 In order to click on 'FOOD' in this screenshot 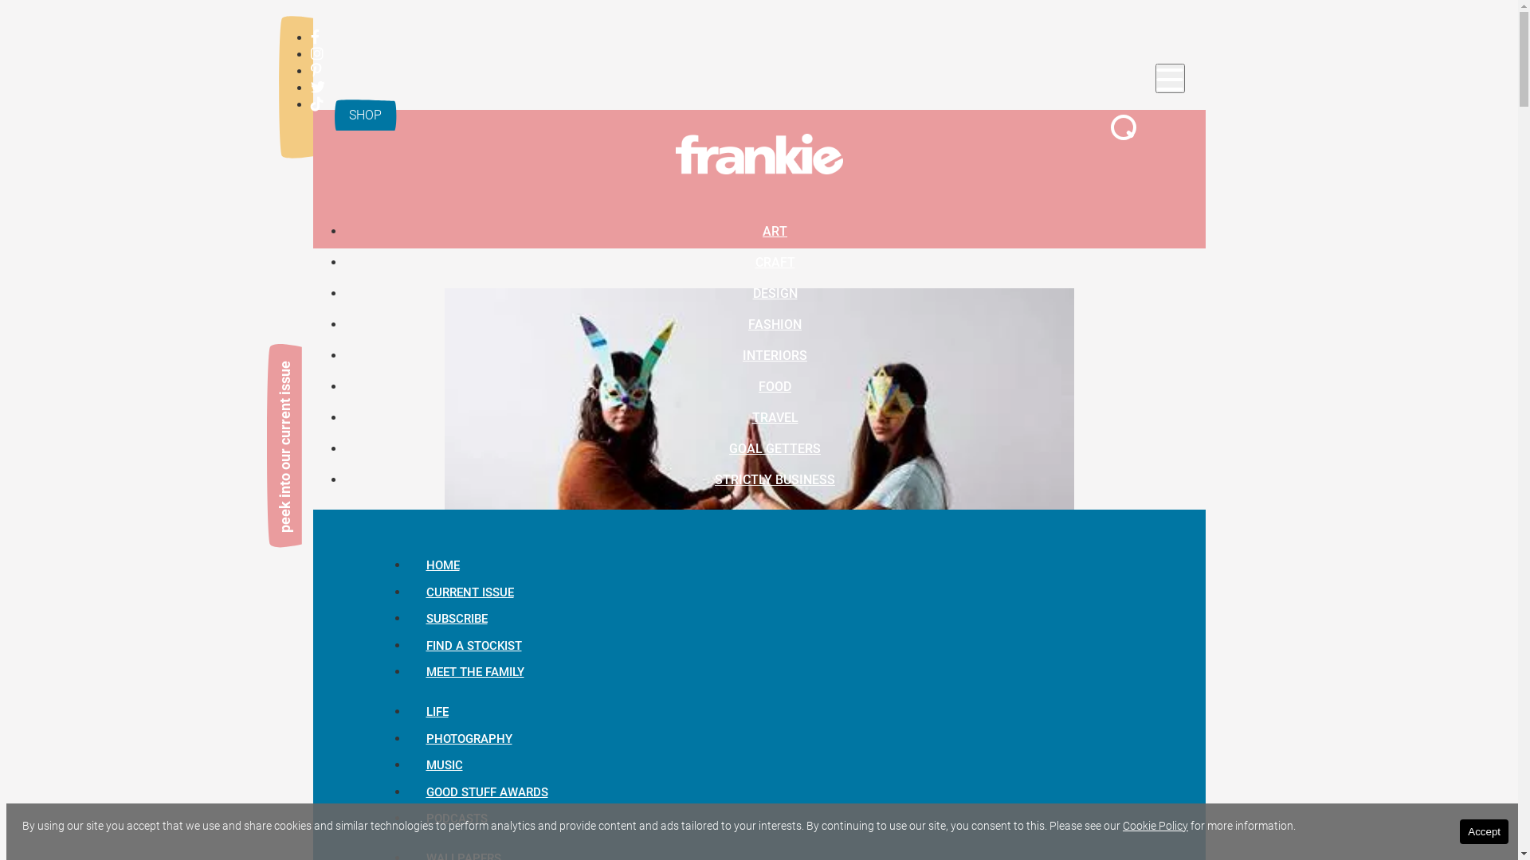, I will do `click(775, 385)`.